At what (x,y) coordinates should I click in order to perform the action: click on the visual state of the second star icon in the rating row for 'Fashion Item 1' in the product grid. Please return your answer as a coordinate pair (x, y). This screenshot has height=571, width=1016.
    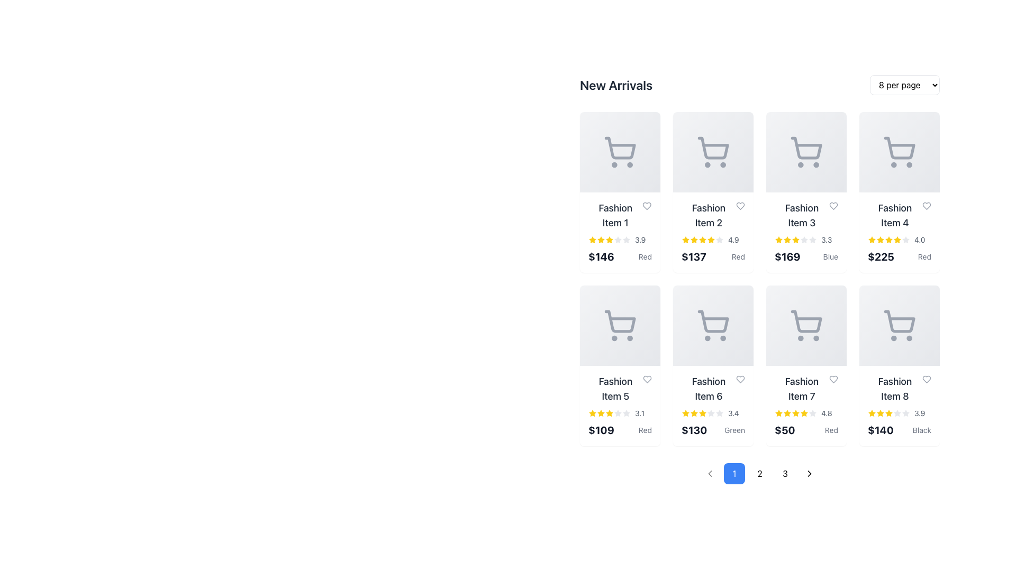
    Looking at the image, I should click on (601, 240).